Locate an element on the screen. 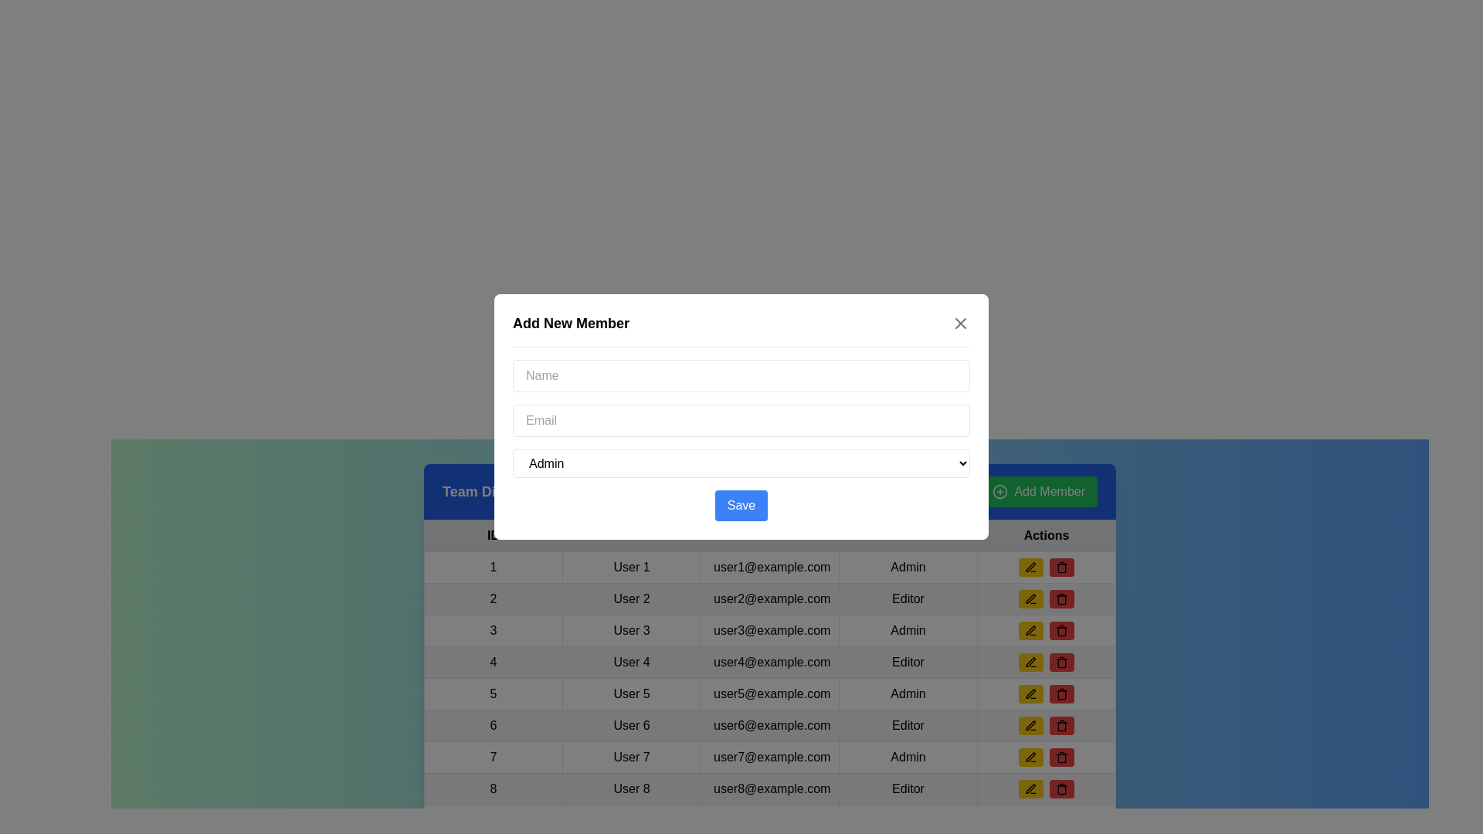 Image resolution: width=1483 pixels, height=834 pixels. the numeral '8' in the first cell of the eighth row of the table, which is styled as text in black against a white background is located at coordinates (492, 789).